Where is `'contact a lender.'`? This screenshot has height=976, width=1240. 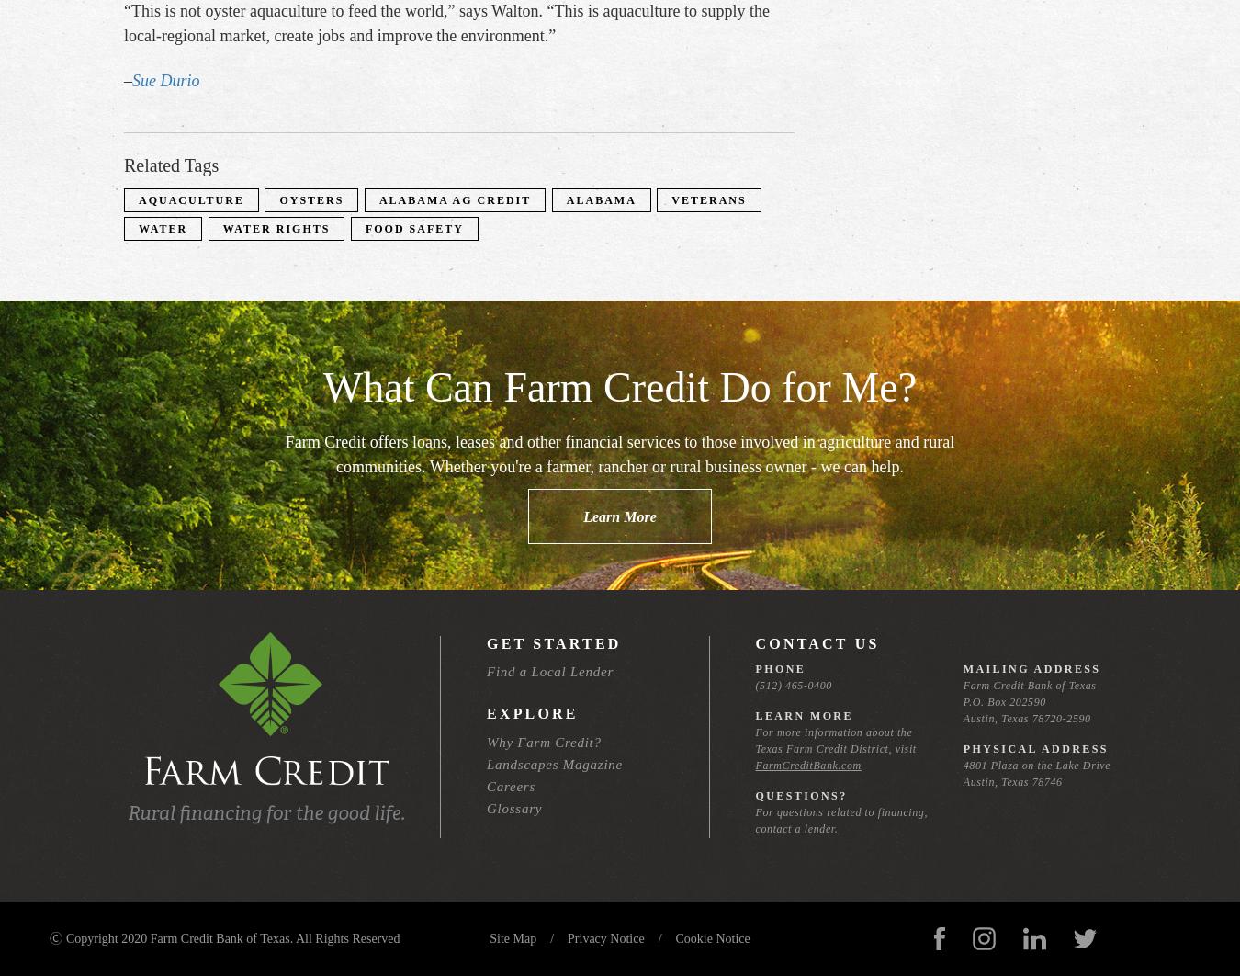
'contact a lender.' is located at coordinates (795, 827).